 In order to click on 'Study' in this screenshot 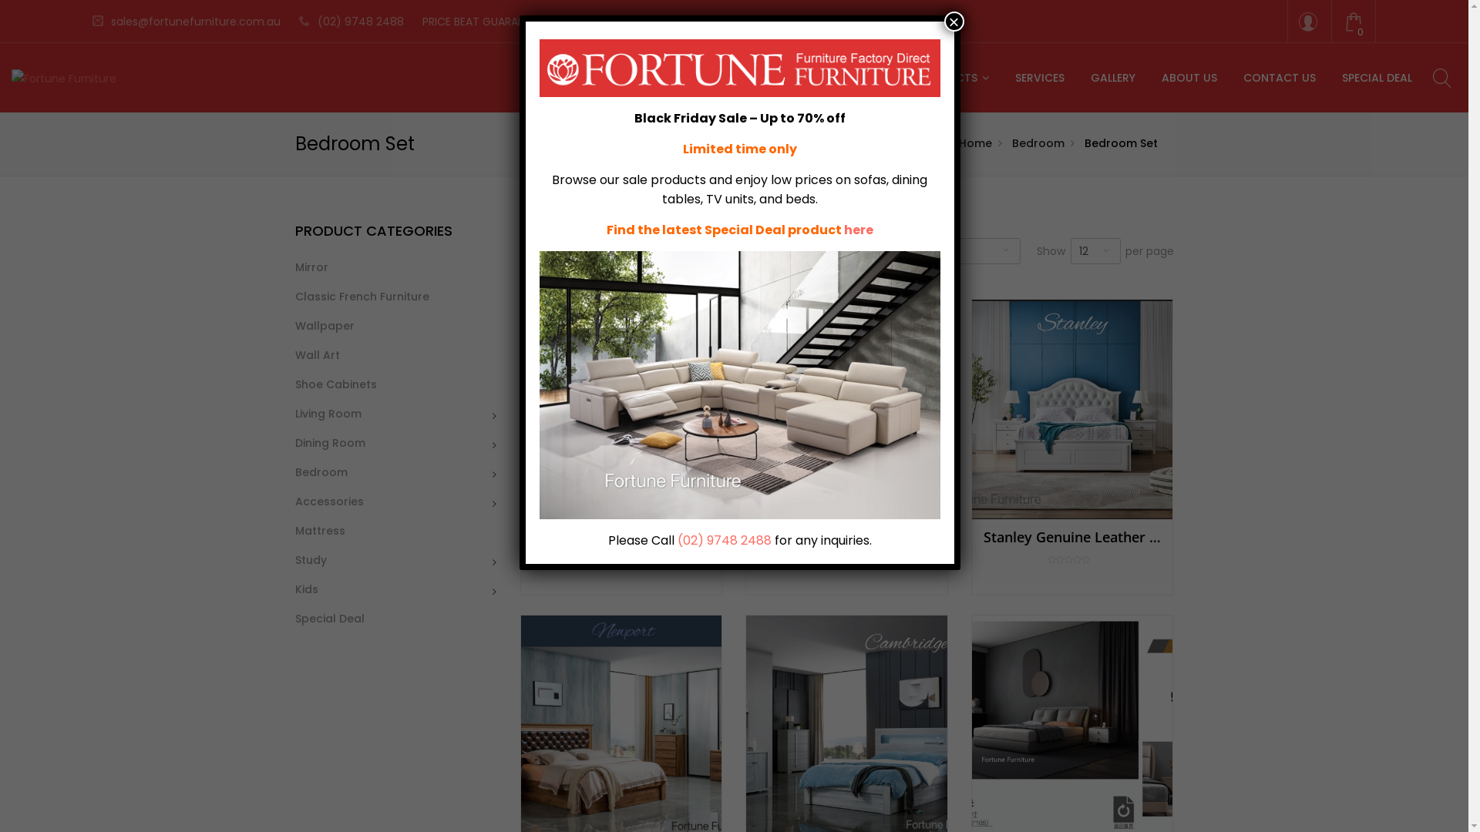, I will do `click(309, 559)`.